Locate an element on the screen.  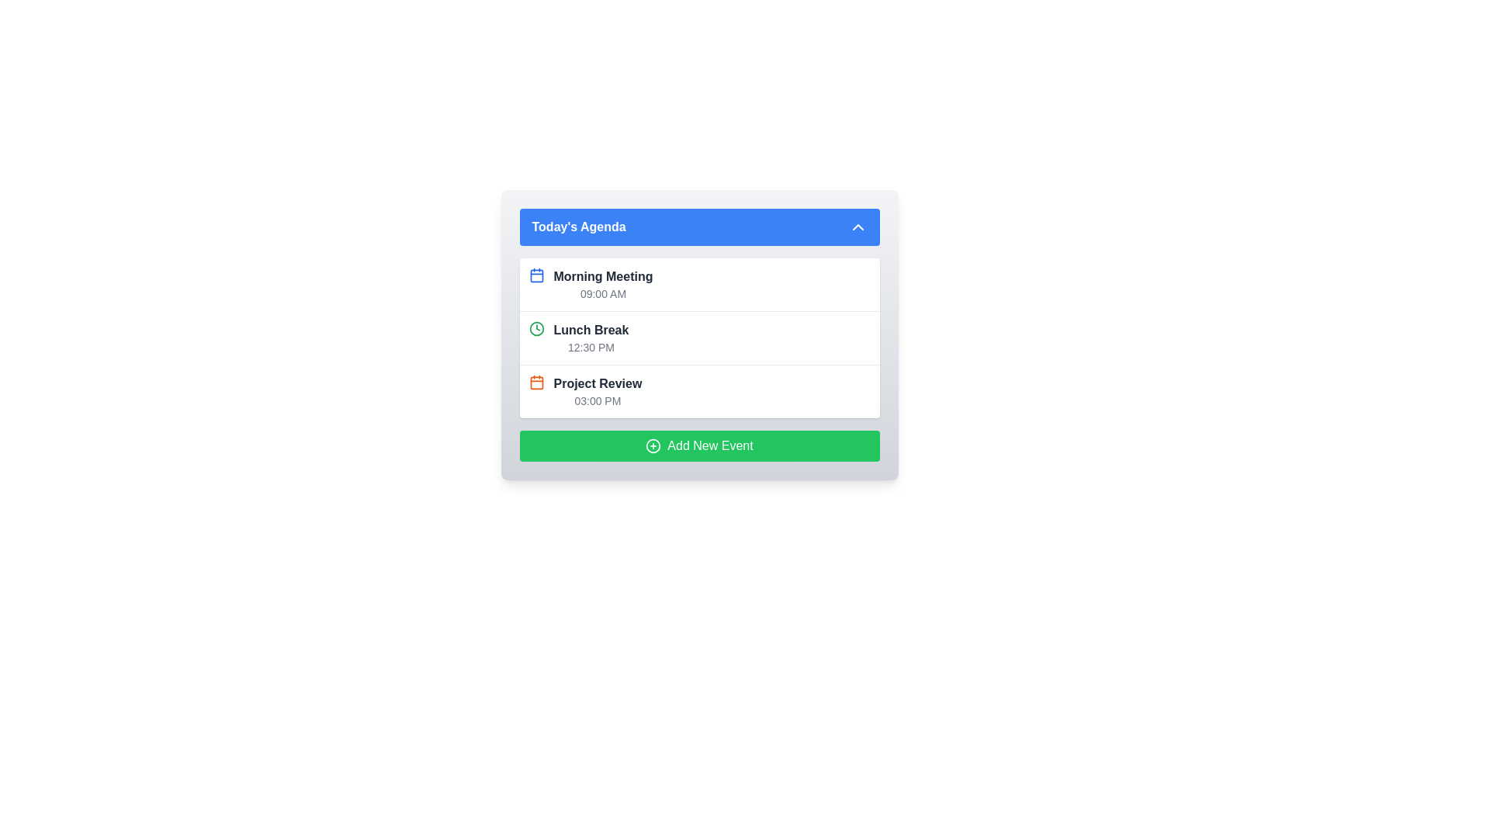
the small upward-facing chevron icon on the blue background in the 'Today's Agenda' header is located at coordinates (857, 227).